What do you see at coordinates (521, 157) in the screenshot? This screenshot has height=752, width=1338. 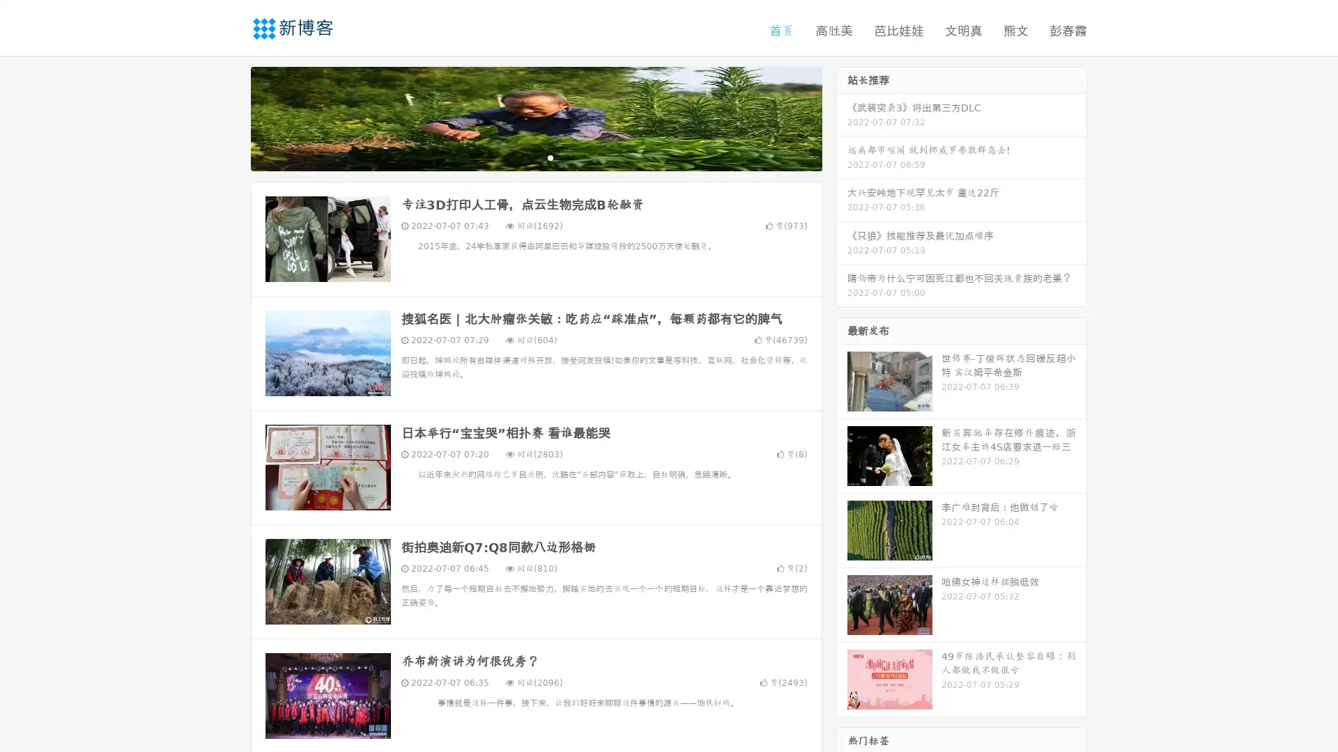 I see `Go to slide 1` at bounding box center [521, 157].